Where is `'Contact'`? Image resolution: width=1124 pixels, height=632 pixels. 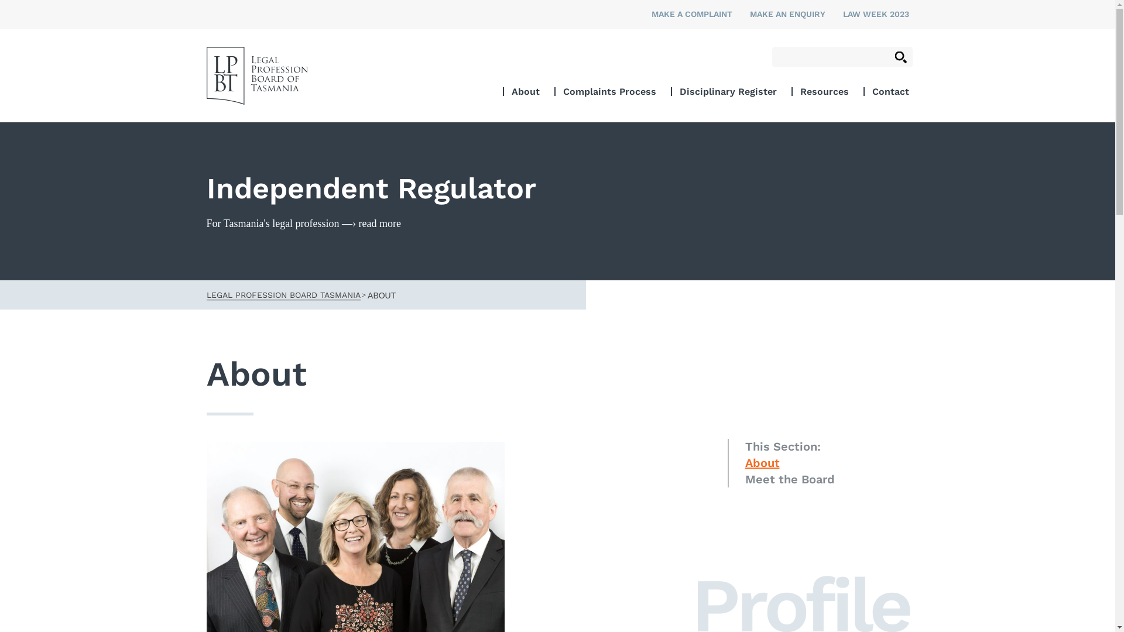
'Contact' is located at coordinates (872, 91).